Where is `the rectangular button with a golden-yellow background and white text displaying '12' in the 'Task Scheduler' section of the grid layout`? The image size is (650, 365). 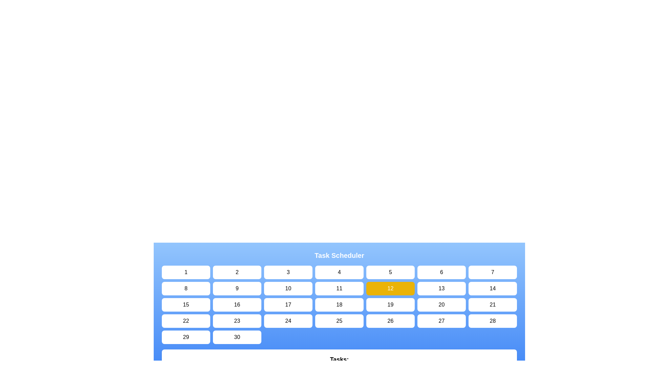
the rectangular button with a golden-yellow background and white text displaying '12' in the 'Task Scheduler' section of the grid layout is located at coordinates (390, 288).